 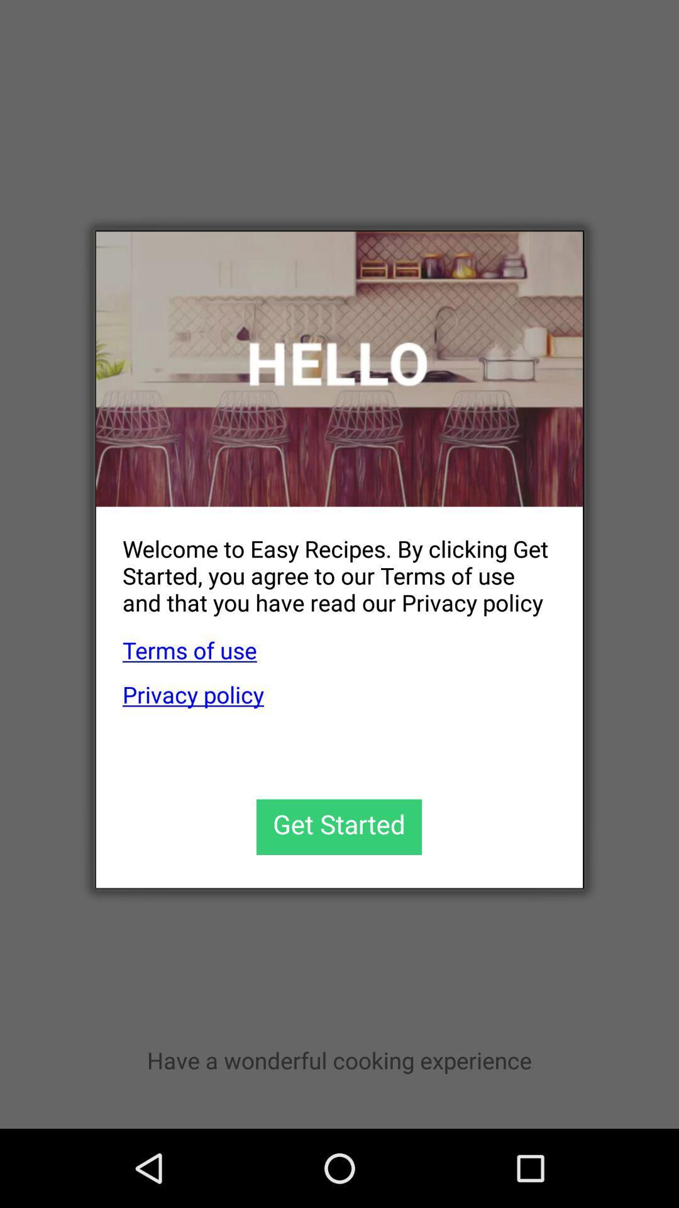 I want to click on welcome to easy app, so click(x=326, y=565).